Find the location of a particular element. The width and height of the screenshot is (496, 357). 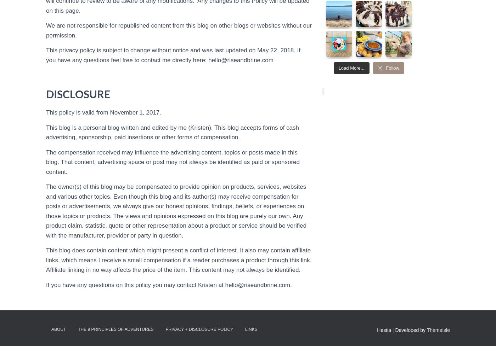

'Load More...' is located at coordinates (338, 67).